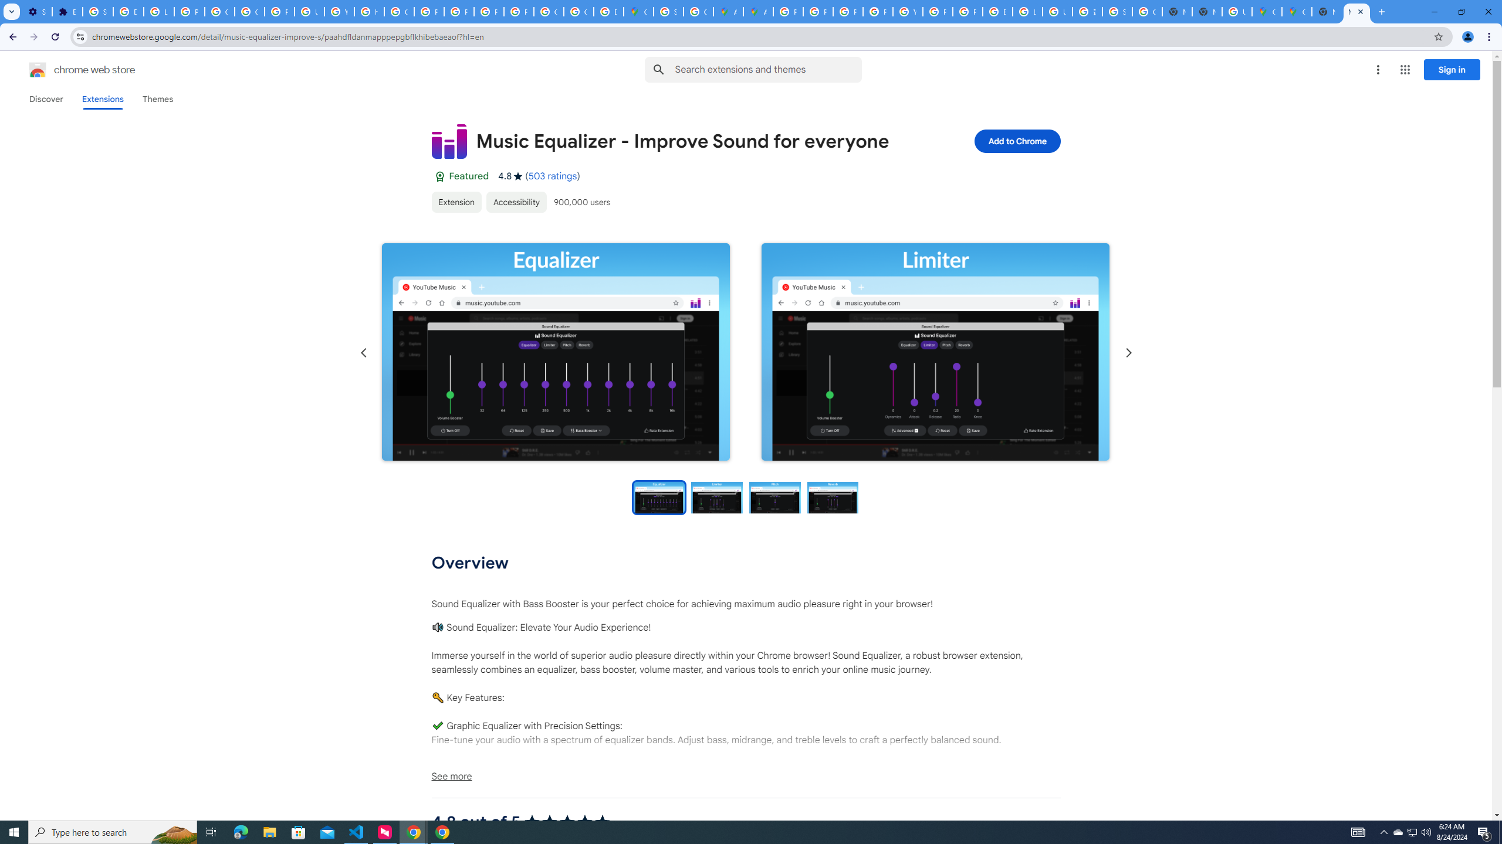  Describe the element at coordinates (1452, 69) in the screenshot. I see `'Sign in'` at that location.